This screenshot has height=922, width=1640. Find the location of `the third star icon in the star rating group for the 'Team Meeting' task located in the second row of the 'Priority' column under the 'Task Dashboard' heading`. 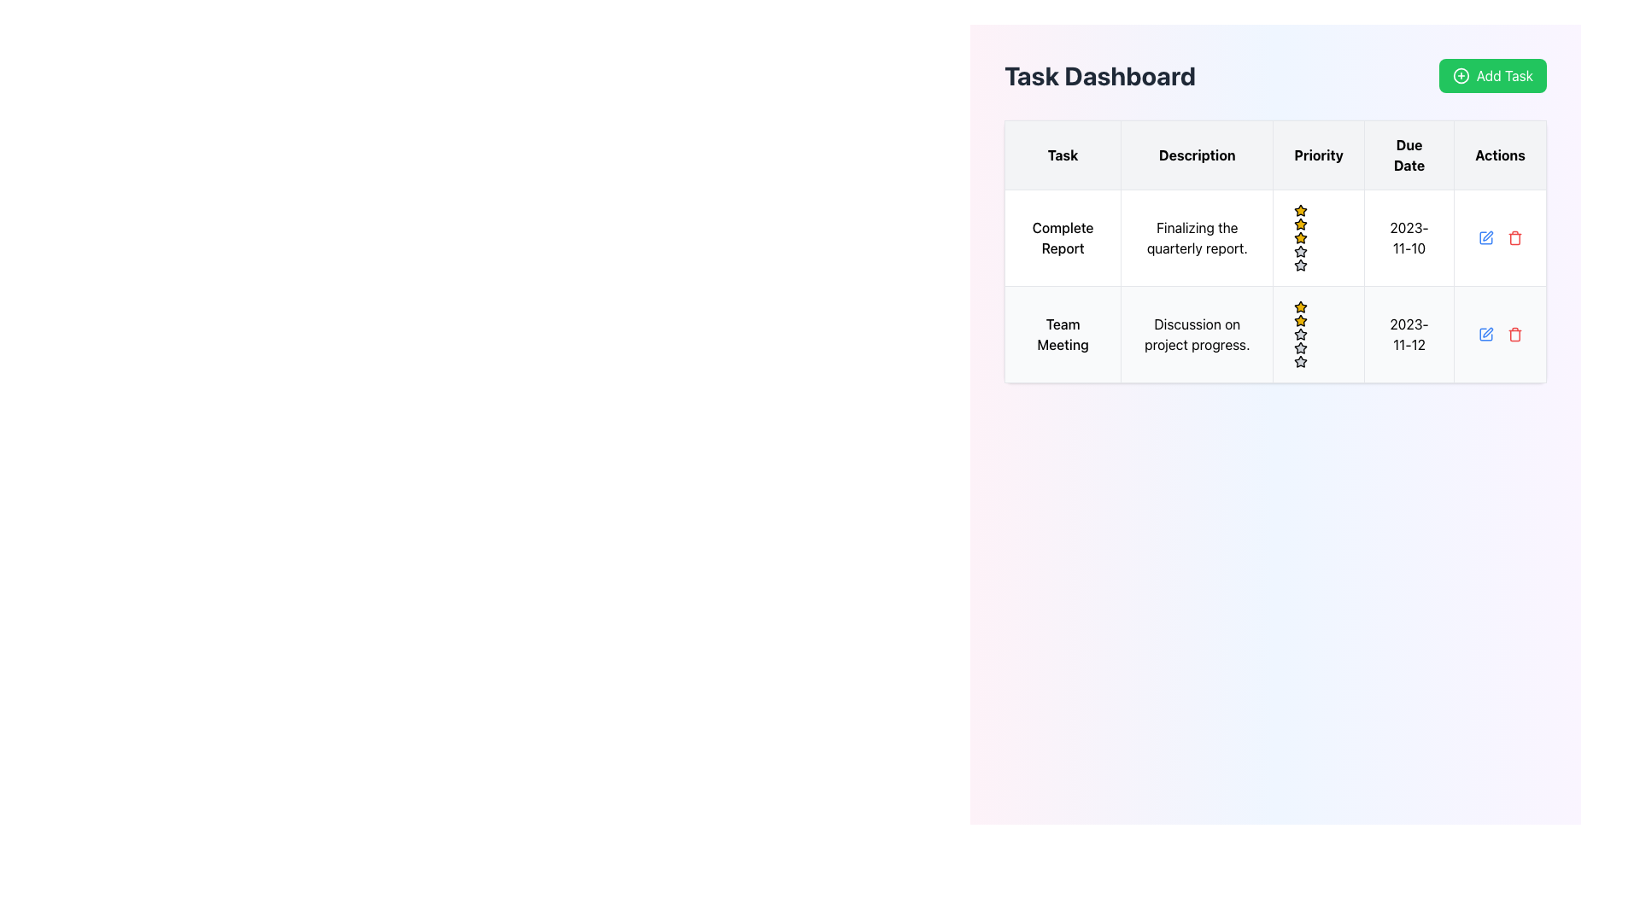

the third star icon in the star rating group for the 'Team Meeting' task located in the second row of the 'Priority' column under the 'Task Dashboard' heading is located at coordinates (1300, 360).